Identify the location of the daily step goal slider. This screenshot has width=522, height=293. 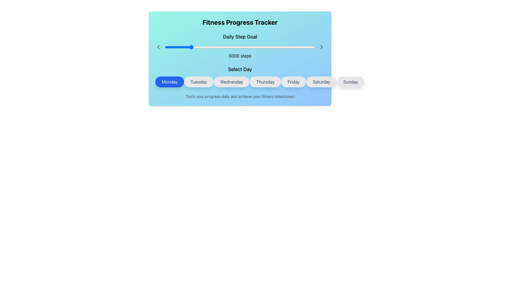
(174, 47).